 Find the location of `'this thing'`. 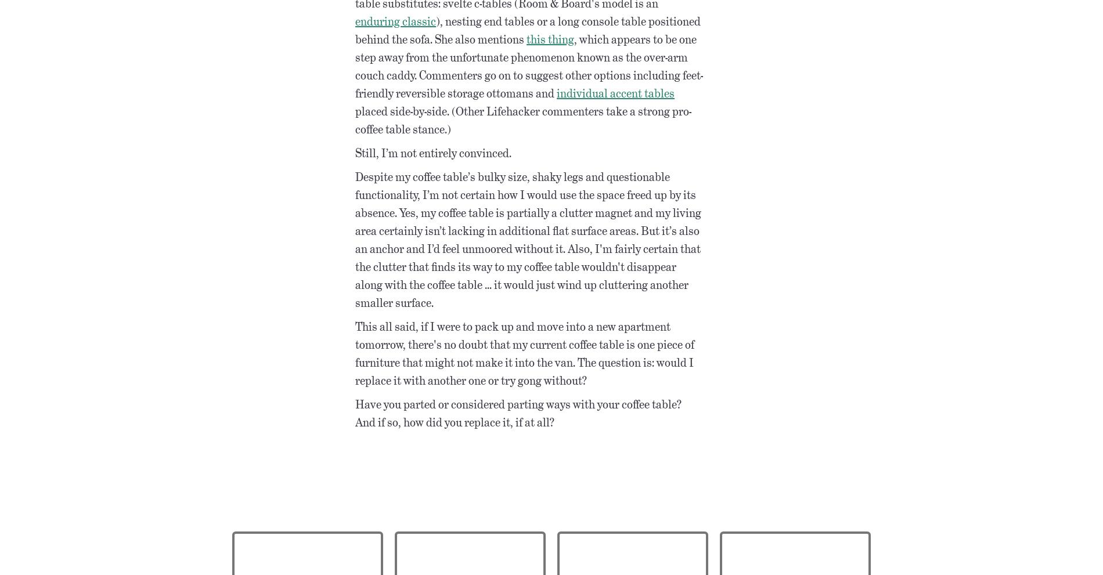

'this thing' is located at coordinates (549, 38).